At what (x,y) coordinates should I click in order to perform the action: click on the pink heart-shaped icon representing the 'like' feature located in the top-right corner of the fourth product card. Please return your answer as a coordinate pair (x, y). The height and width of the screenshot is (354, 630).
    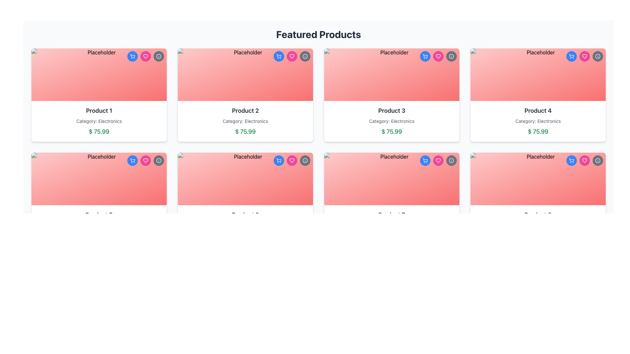
    Looking at the image, I should click on (584, 160).